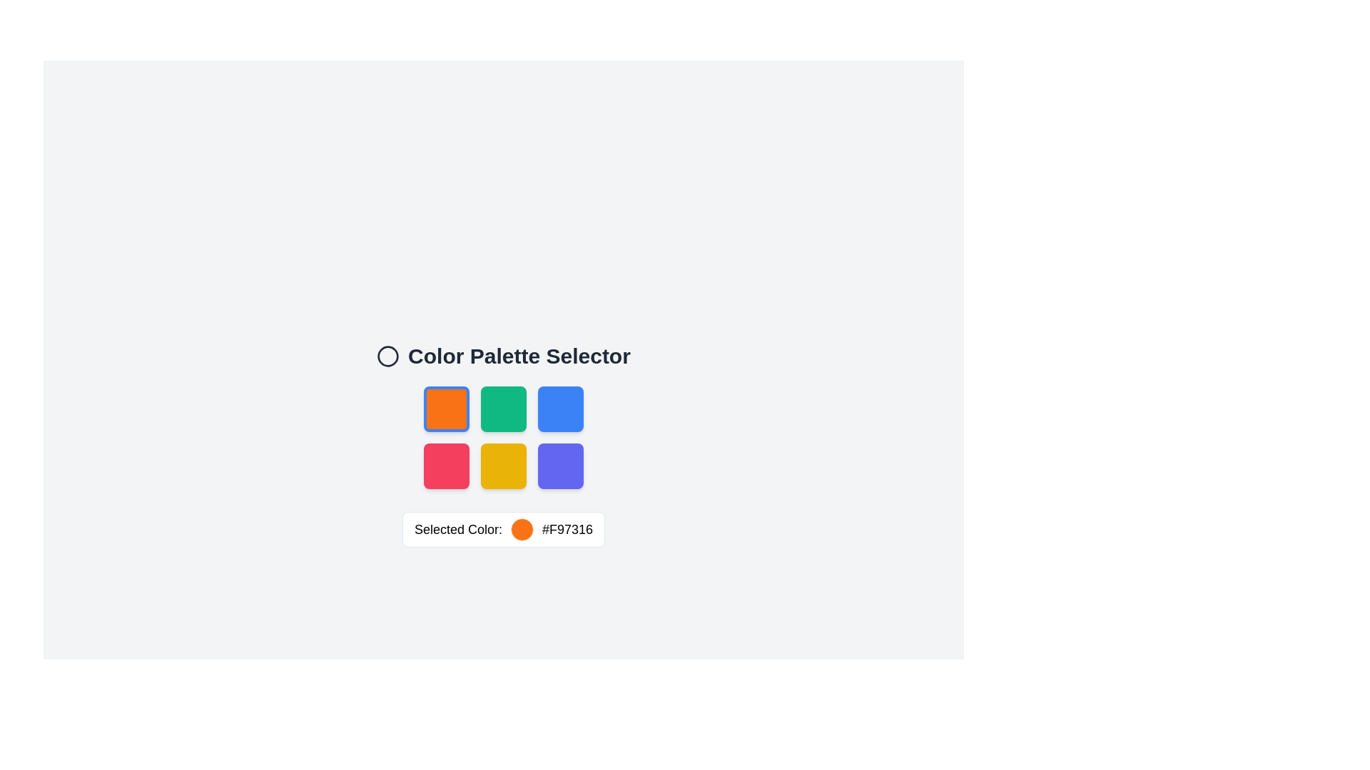 Image resolution: width=1370 pixels, height=770 pixels. Describe the element at coordinates (503, 409) in the screenshot. I see `the green square button with rounded corners, which is the second square in the top row of a 3x2 grid` at that location.